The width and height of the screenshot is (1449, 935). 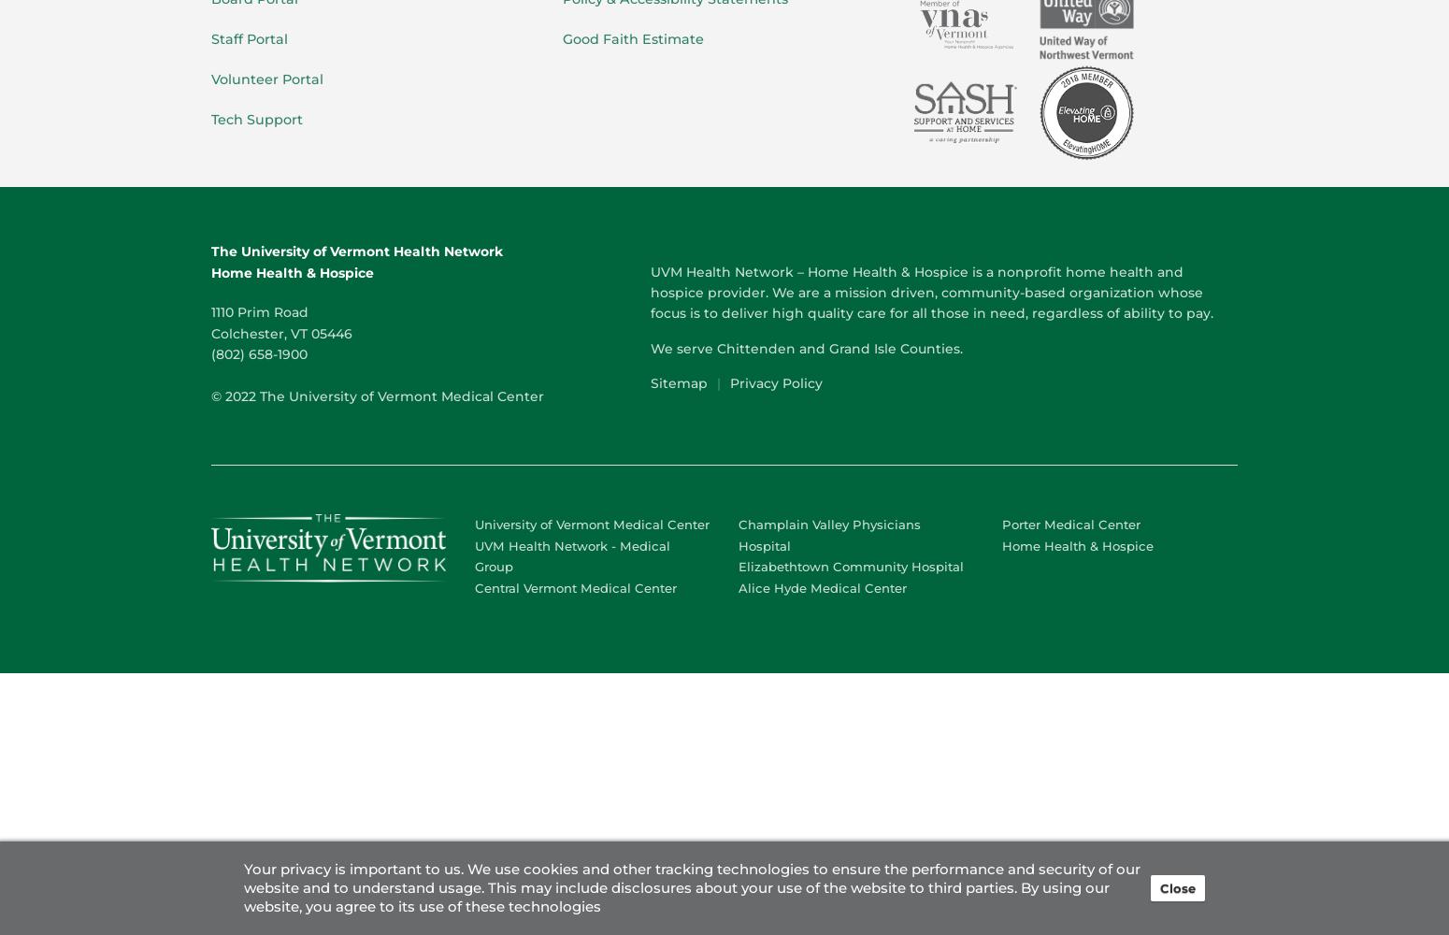 I want to click on 'Alice Hyde Medical Center', so click(x=822, y=587).